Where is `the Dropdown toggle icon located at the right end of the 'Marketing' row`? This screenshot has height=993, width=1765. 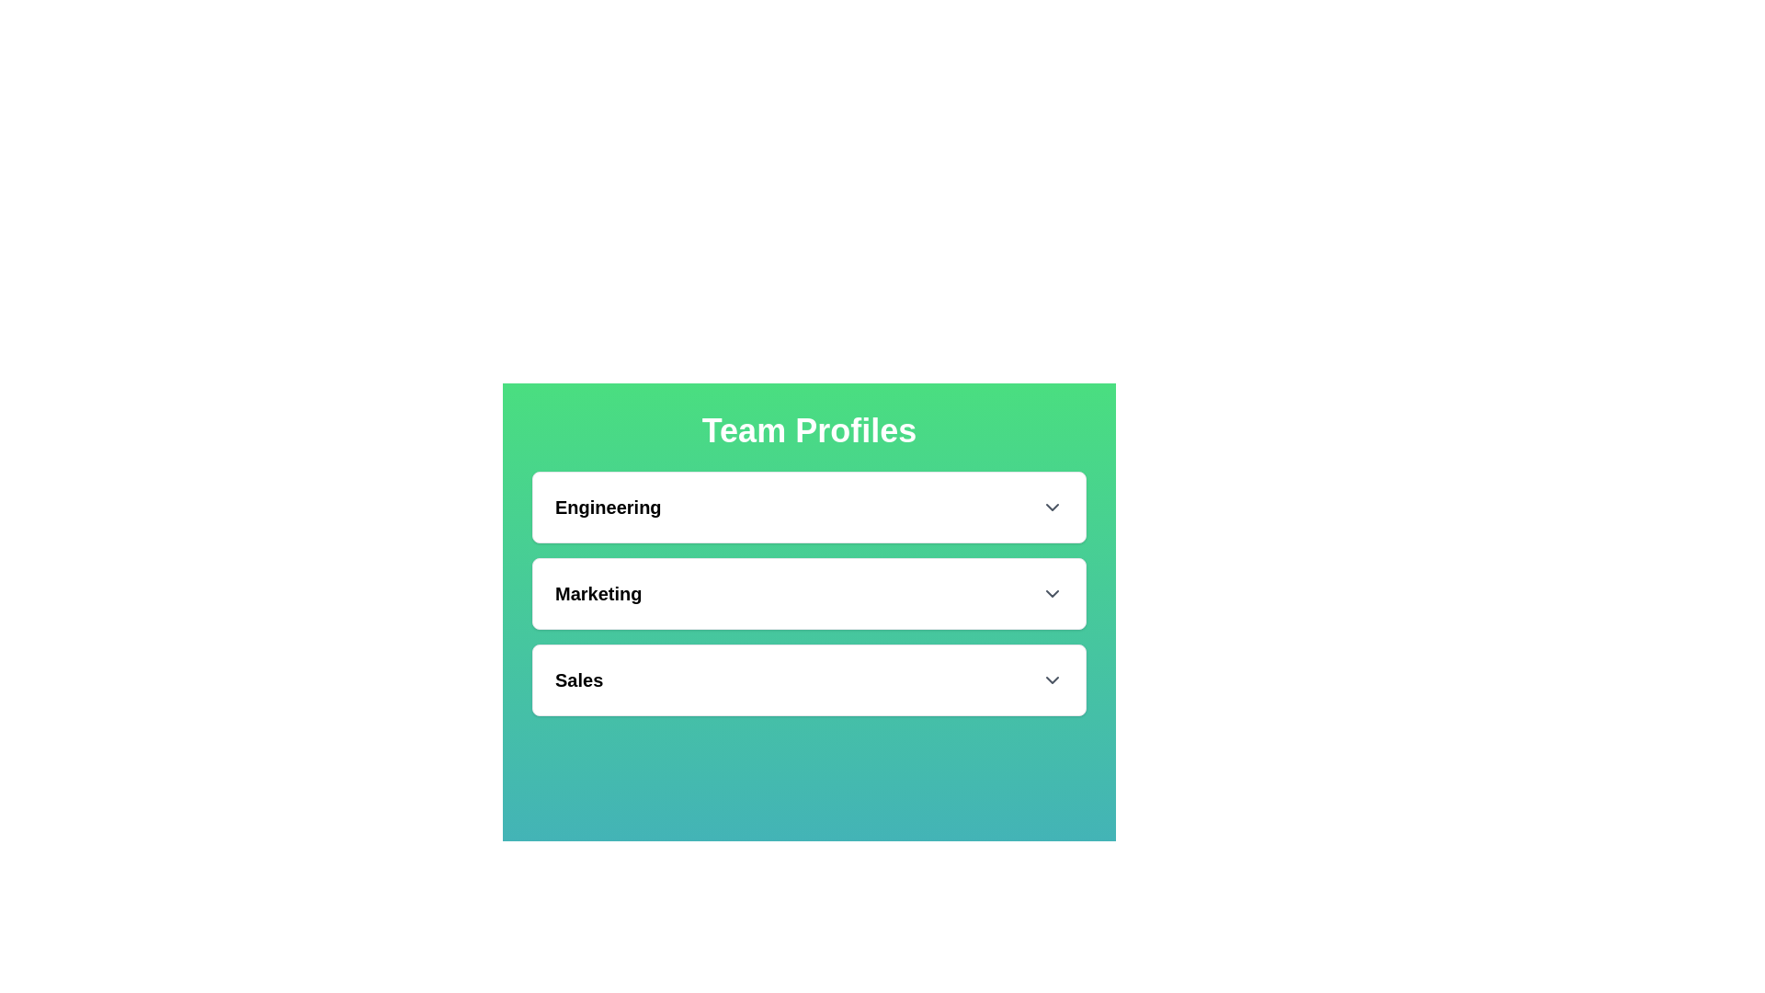
the Dropdown toggle icon located at the right end of the 'Marketing' row is located at coordinates (1053, 593).